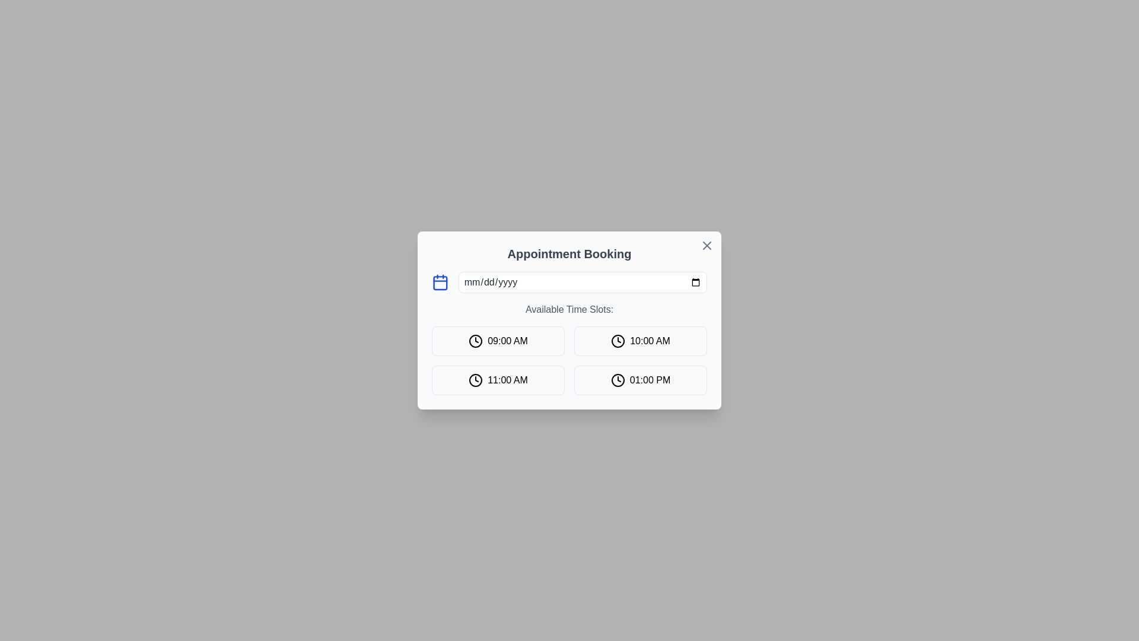 The image size is (1139, 641). I want to click on the small graphical icon resembling a diagonal cross located at the top-right corner of the modal dialog, next to the title 'Appointment Booking', so click(707, 245).